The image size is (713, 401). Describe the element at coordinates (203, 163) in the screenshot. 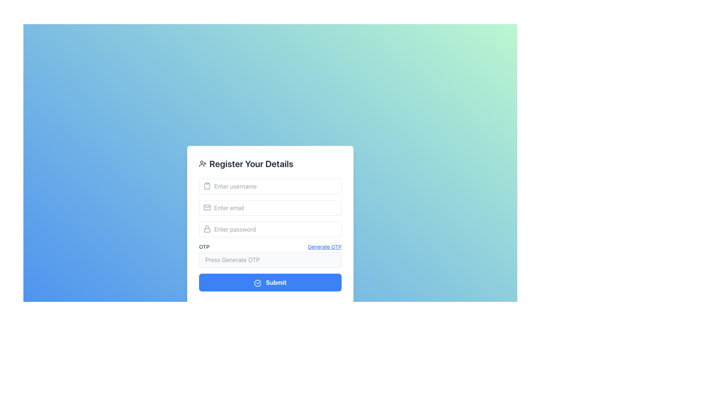

I see `the add-user icon resembling a user silhouette with a plus sign, located to the left of the text 'Register Your Details' in the registration form module` at that location.